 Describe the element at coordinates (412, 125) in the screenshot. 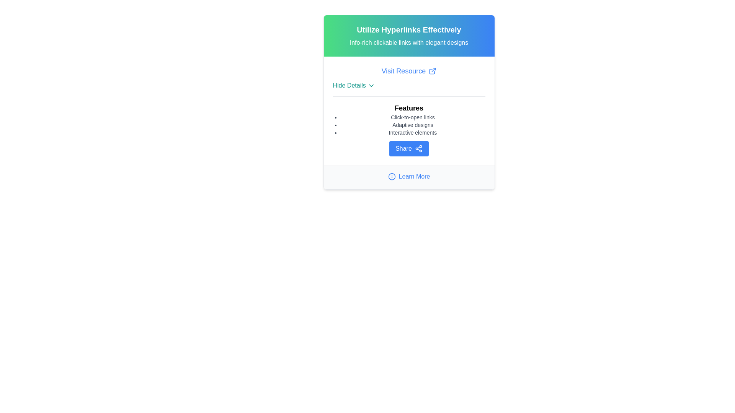

I see `the static text element that reads 'Adaptive designs.' located in the 'Features' section of the card-styled interface` at that location.